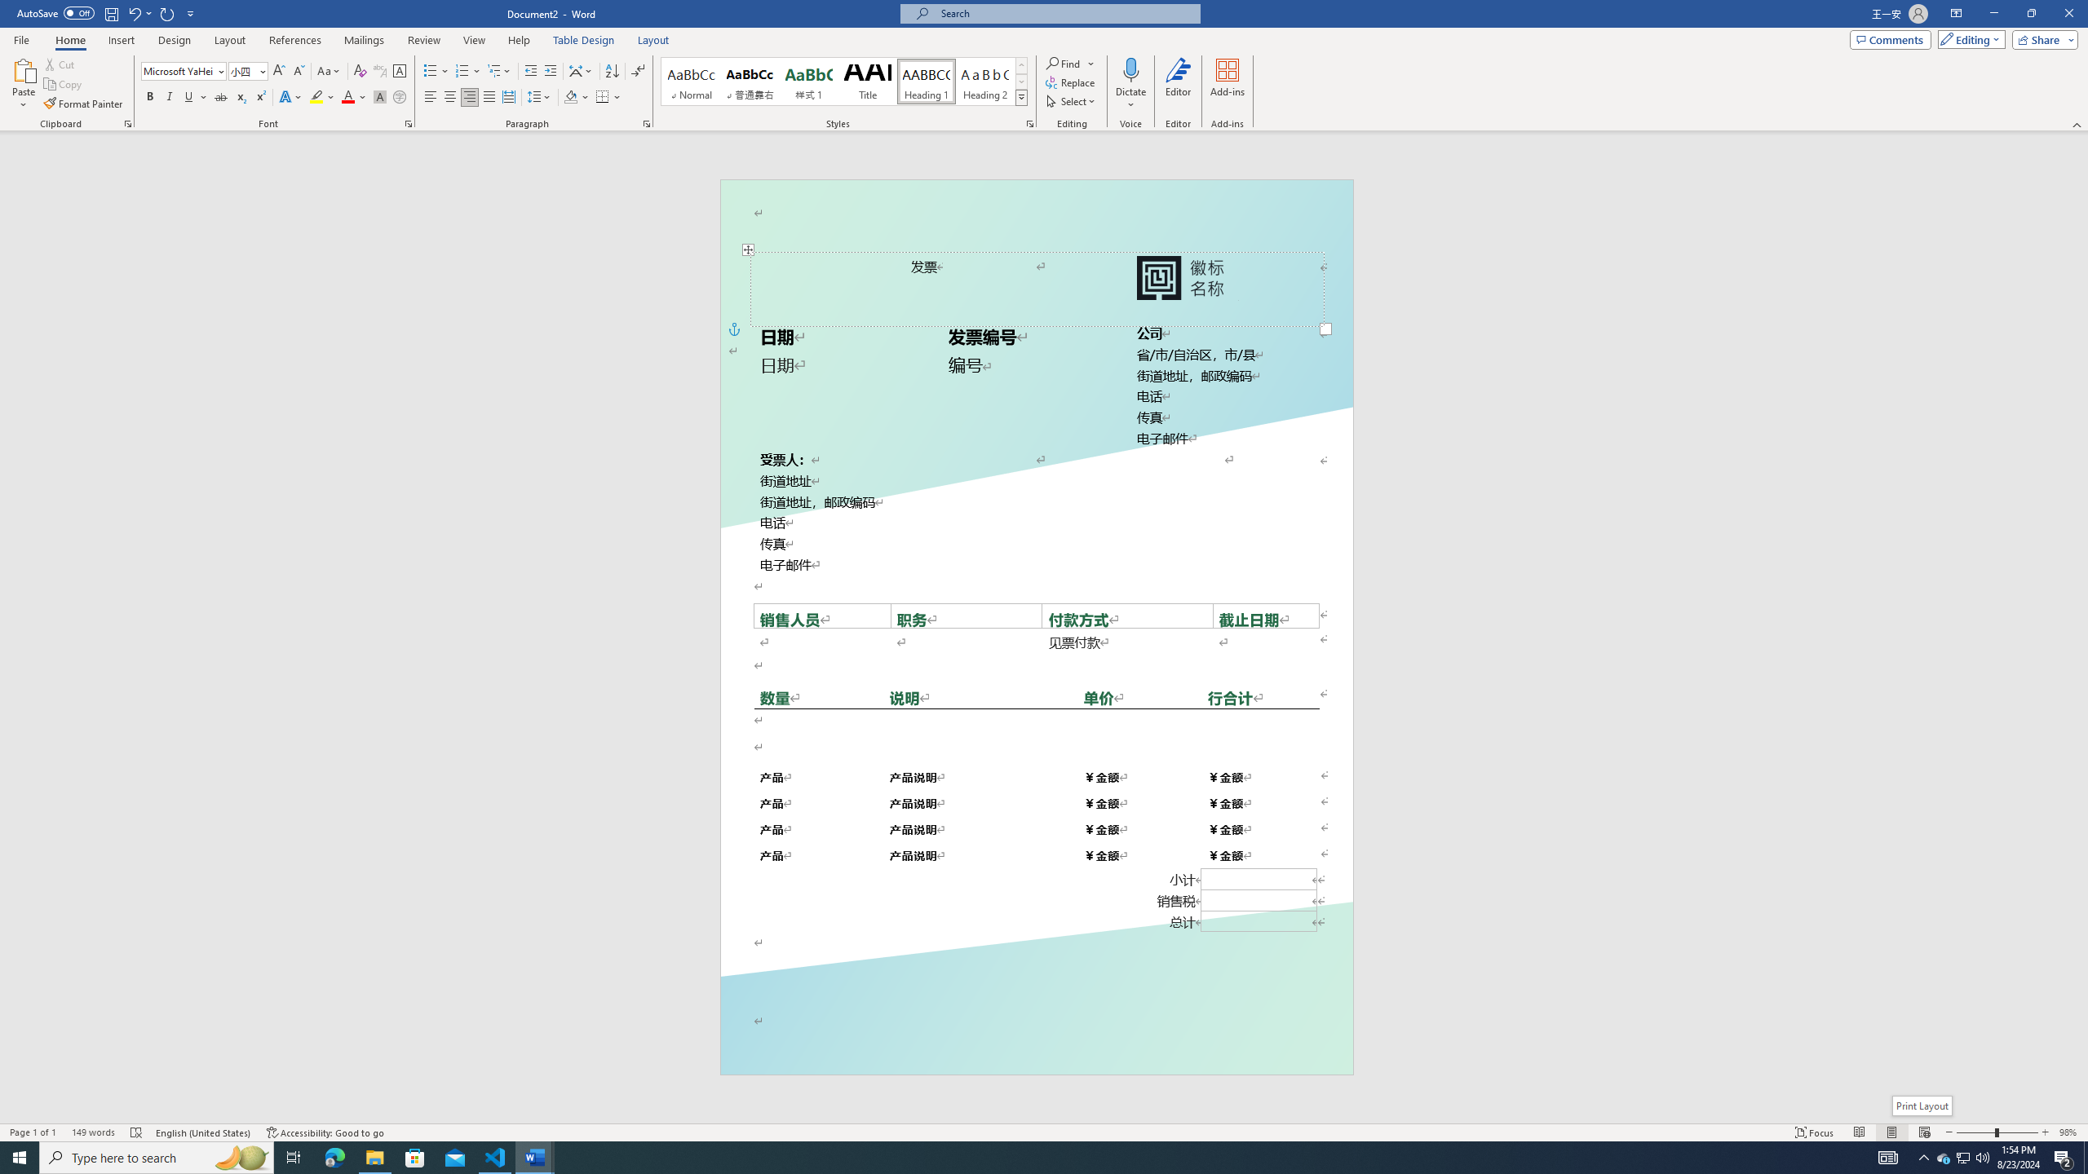 This screenshot has height=1174, width=2088. What do you see at coordinates (1996, 1132) in the screenshot?
I see `'Zoom'` at bounding box center [1996, 1132].